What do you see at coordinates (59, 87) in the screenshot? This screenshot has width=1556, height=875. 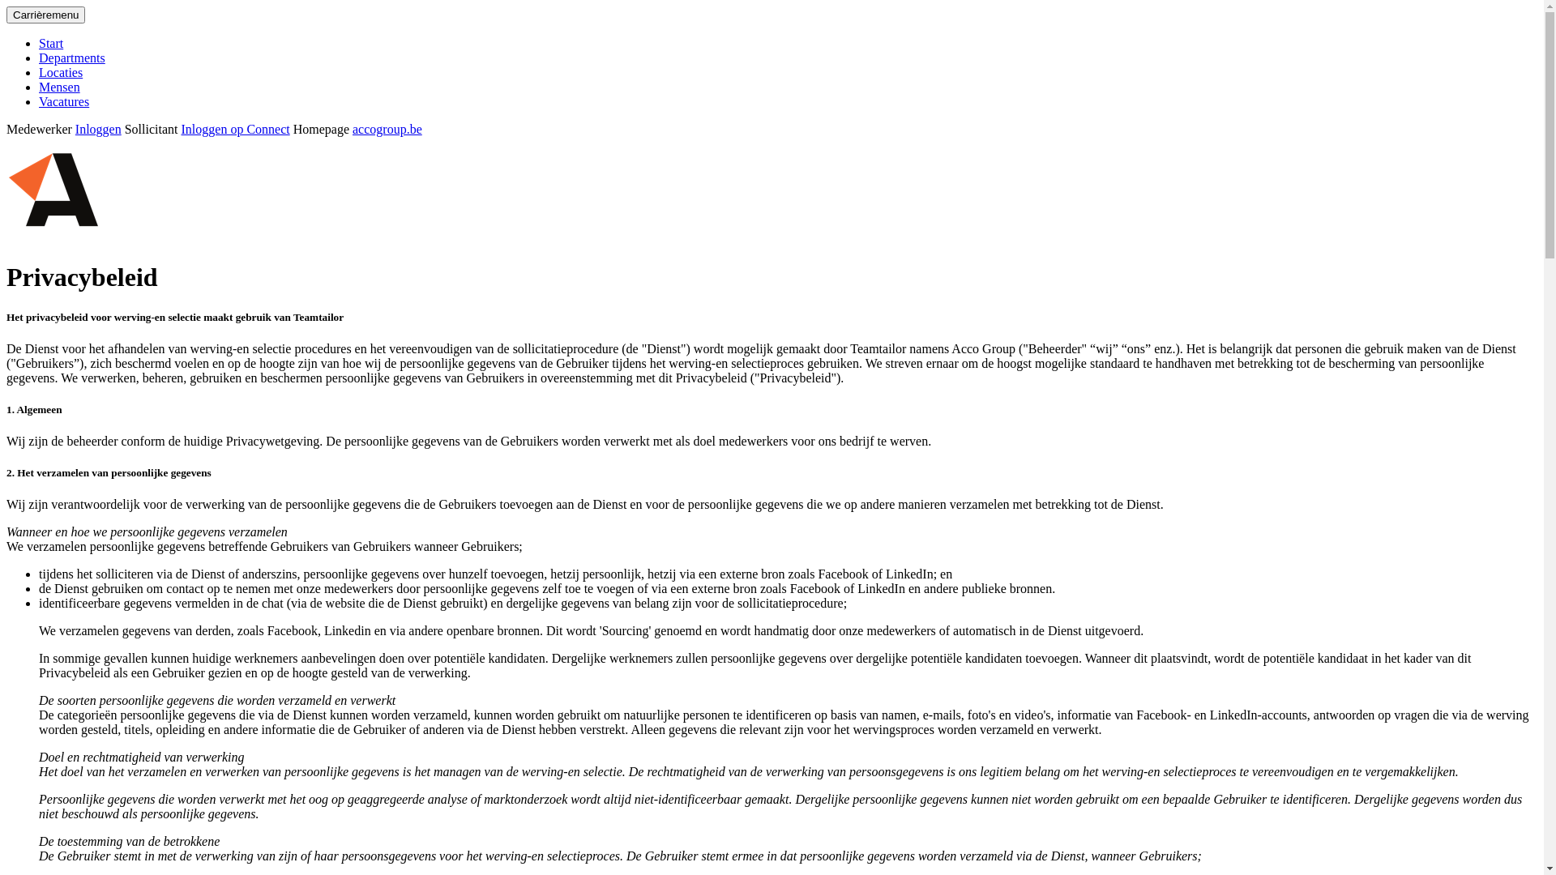 I see `'Mensen'` at bounding box center [59, 87].